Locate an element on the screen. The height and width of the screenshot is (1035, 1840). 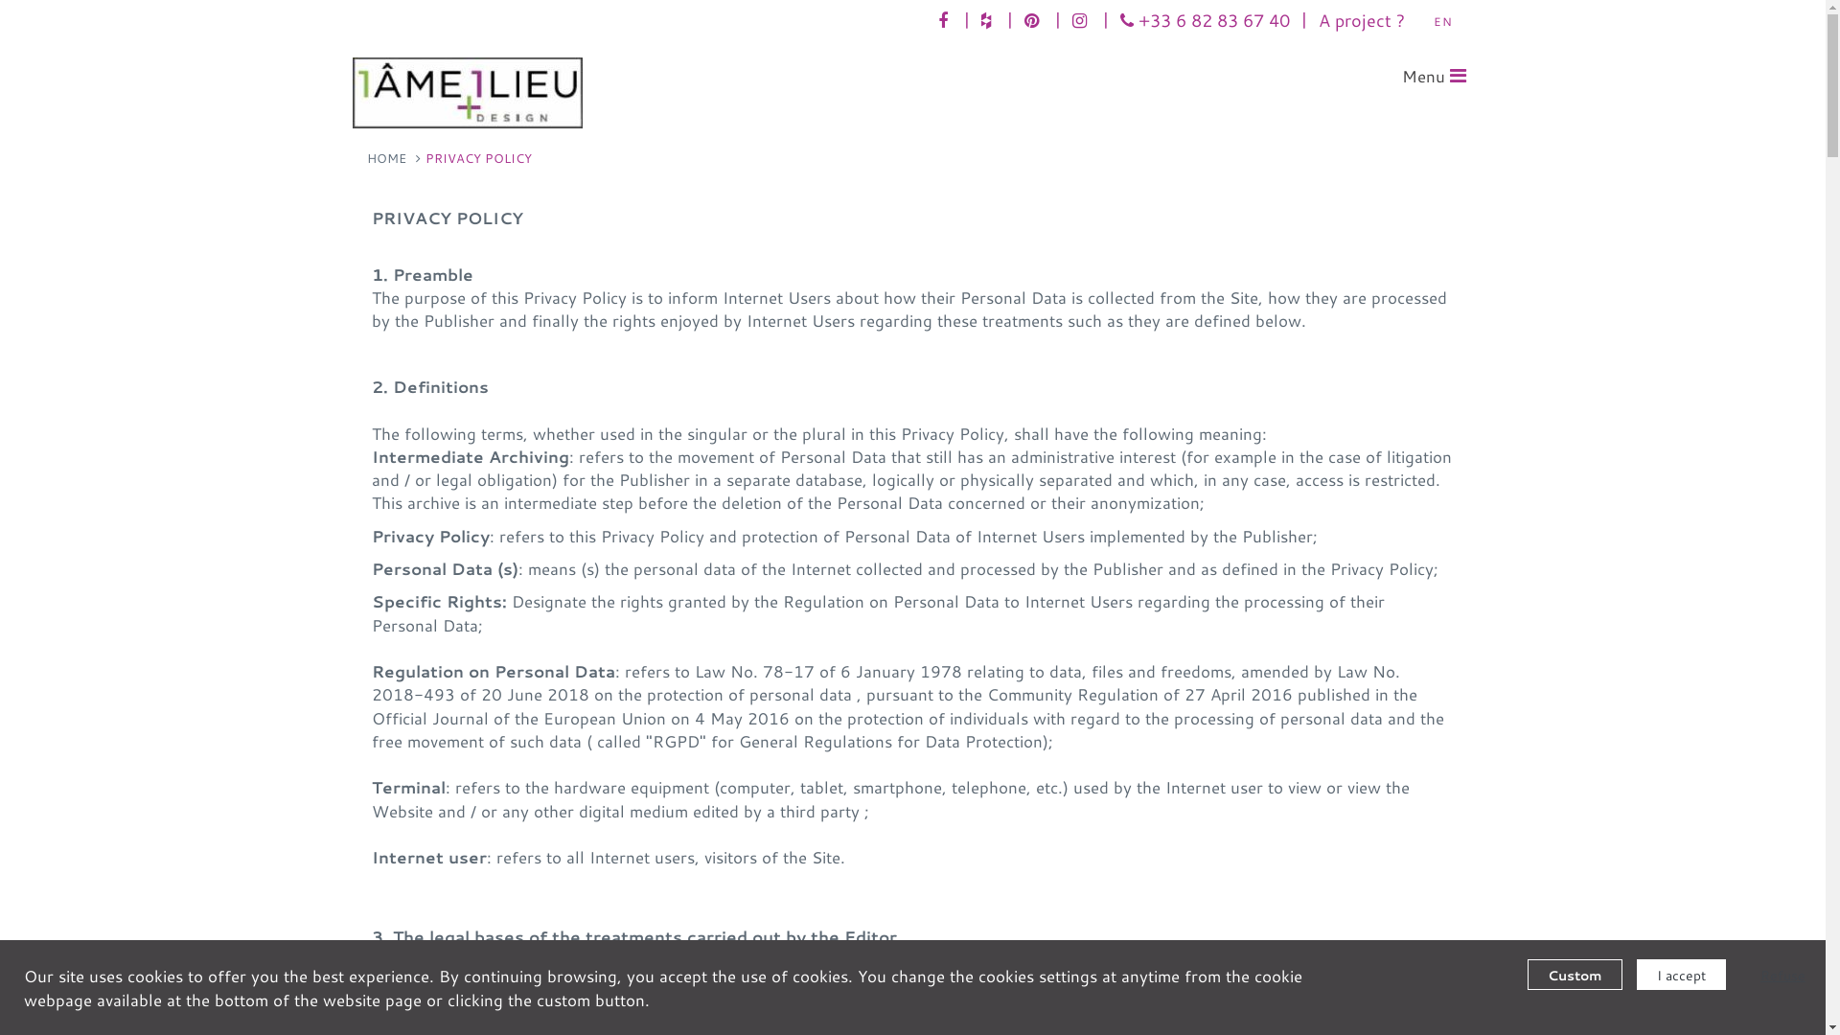
'HOME' is located at coordinates (384, 157).